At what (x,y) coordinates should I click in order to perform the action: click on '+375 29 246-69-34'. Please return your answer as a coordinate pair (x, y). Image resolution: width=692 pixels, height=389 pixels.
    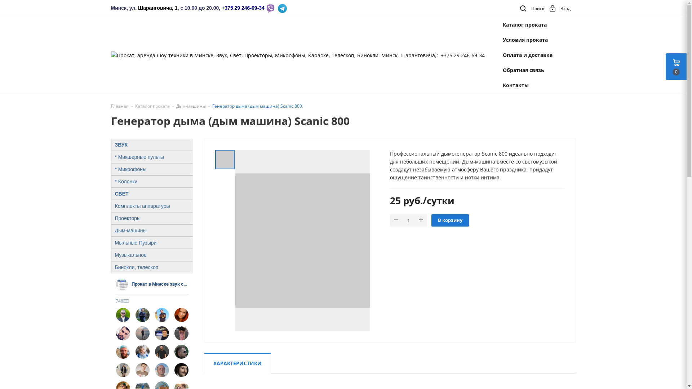
    Looking at the image, I should click on (243, 8).